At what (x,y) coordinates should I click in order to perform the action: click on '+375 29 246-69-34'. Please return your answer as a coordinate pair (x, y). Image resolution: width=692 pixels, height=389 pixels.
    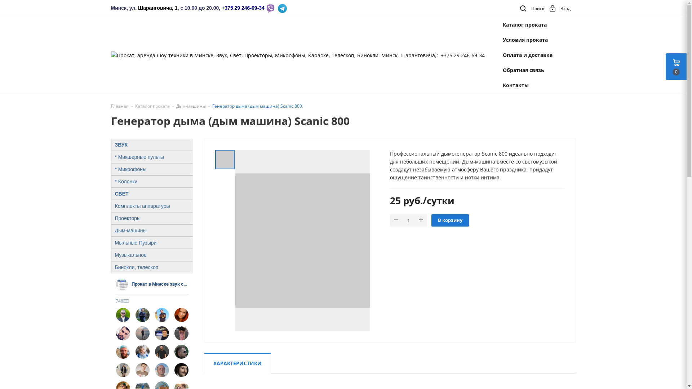
    Looking at the image, I should click on (243, 8).